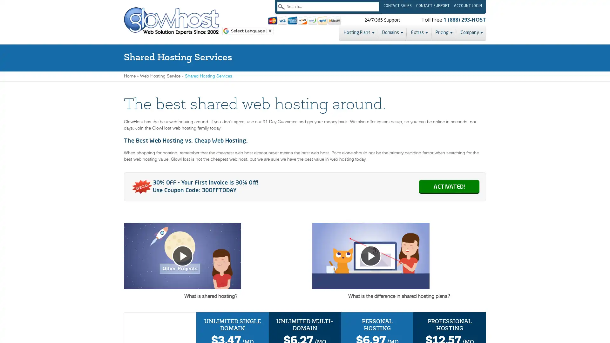 Image resolution: width=610 pixels, height=343 pixels. Describe the element at coordinates (399, 272) in the screenshot. I see `Play Video` at that location.